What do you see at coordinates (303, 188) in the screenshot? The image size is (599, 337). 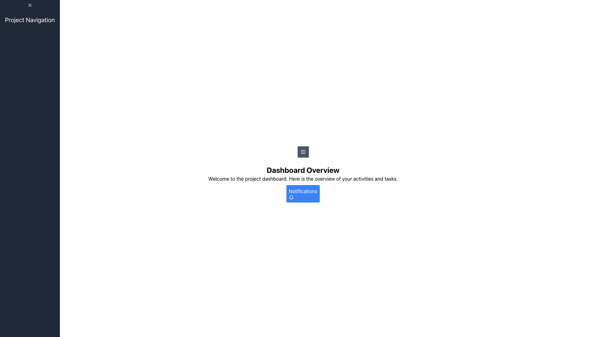 I see `the button located within the 'Dashboard Overview' section` at bounding box center [303, 188].